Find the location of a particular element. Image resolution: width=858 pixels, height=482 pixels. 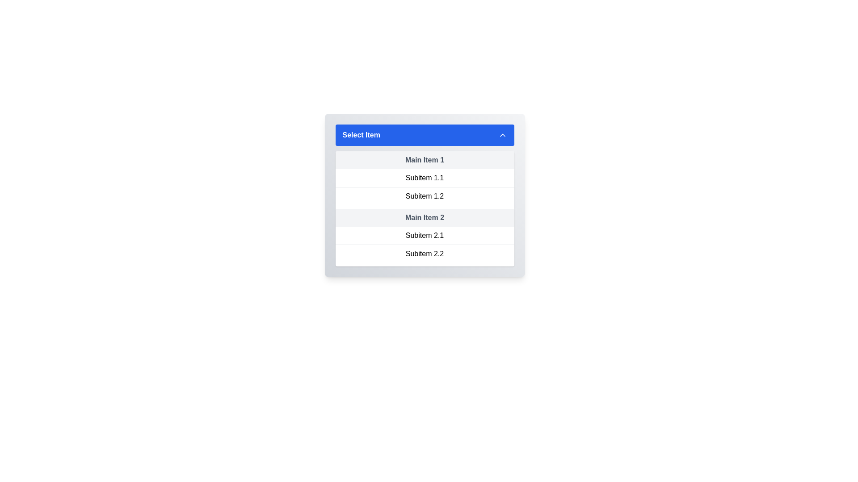

the subitems of the 'Main Item 2' dropdown list group is located at coordinates (424, 237).